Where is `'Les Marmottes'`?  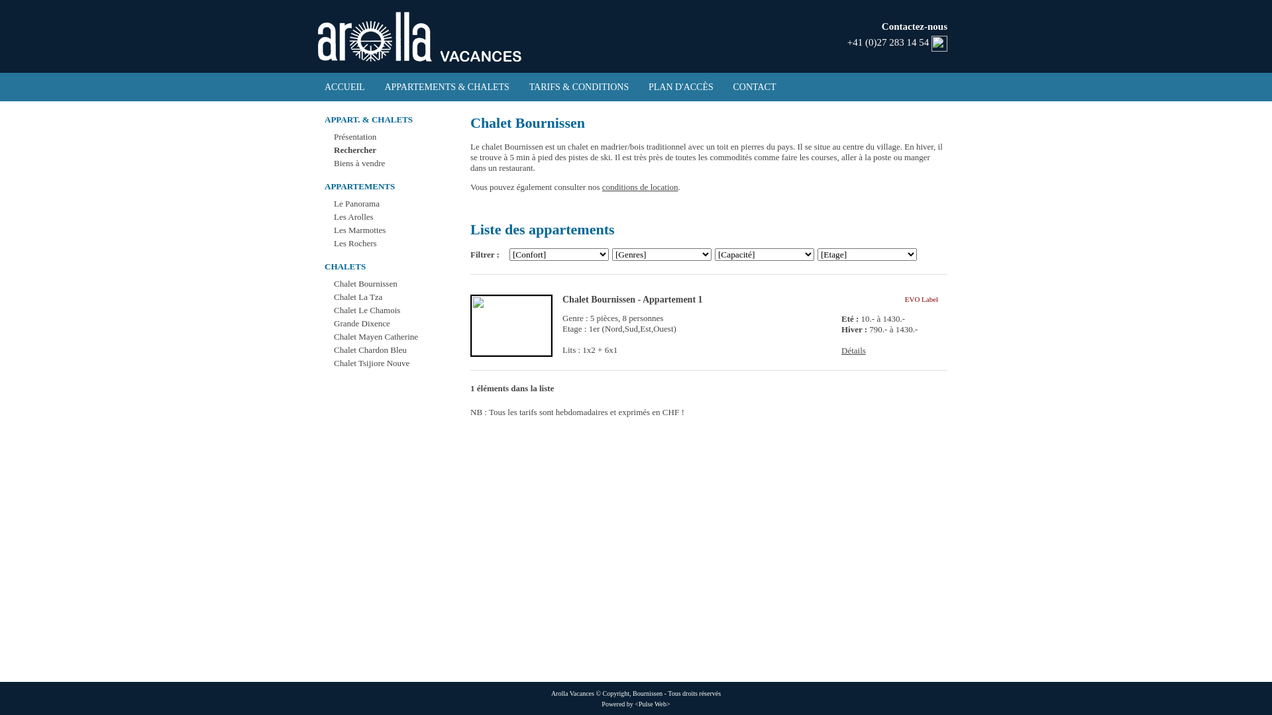
'Les Marmottes' is located at coordinates (334, 229).